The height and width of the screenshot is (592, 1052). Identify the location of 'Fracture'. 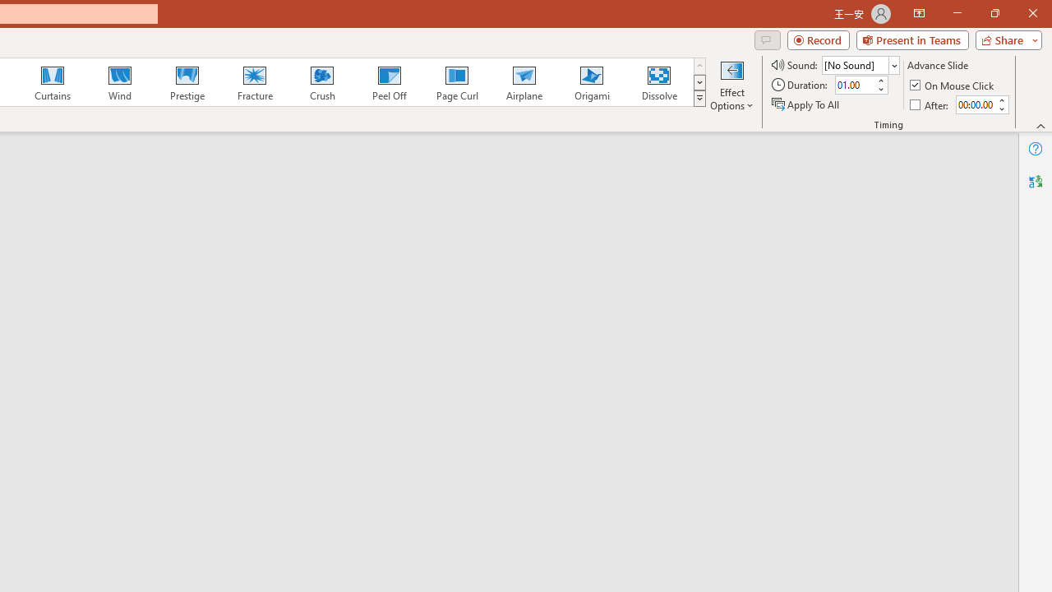
(253, 82).